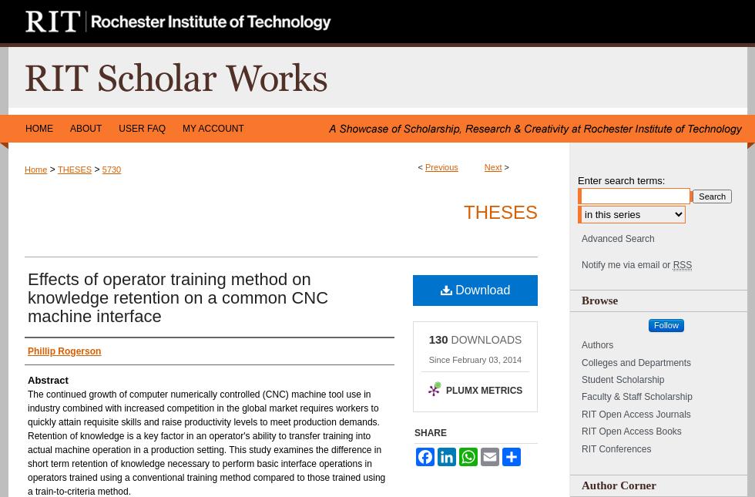 This screenshot has height=497, width=755. I want to click on 'Author Corner', so click(619, 485).